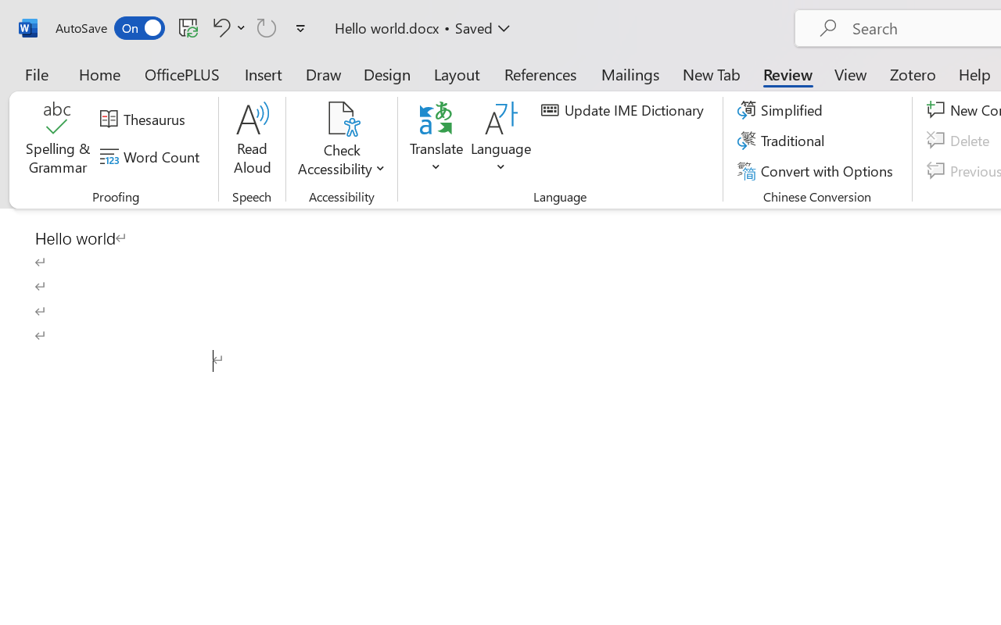  What do you see at coordinates (788, 73) in the screenshot?
I see `'Review'` at bounding box center [788, 73].